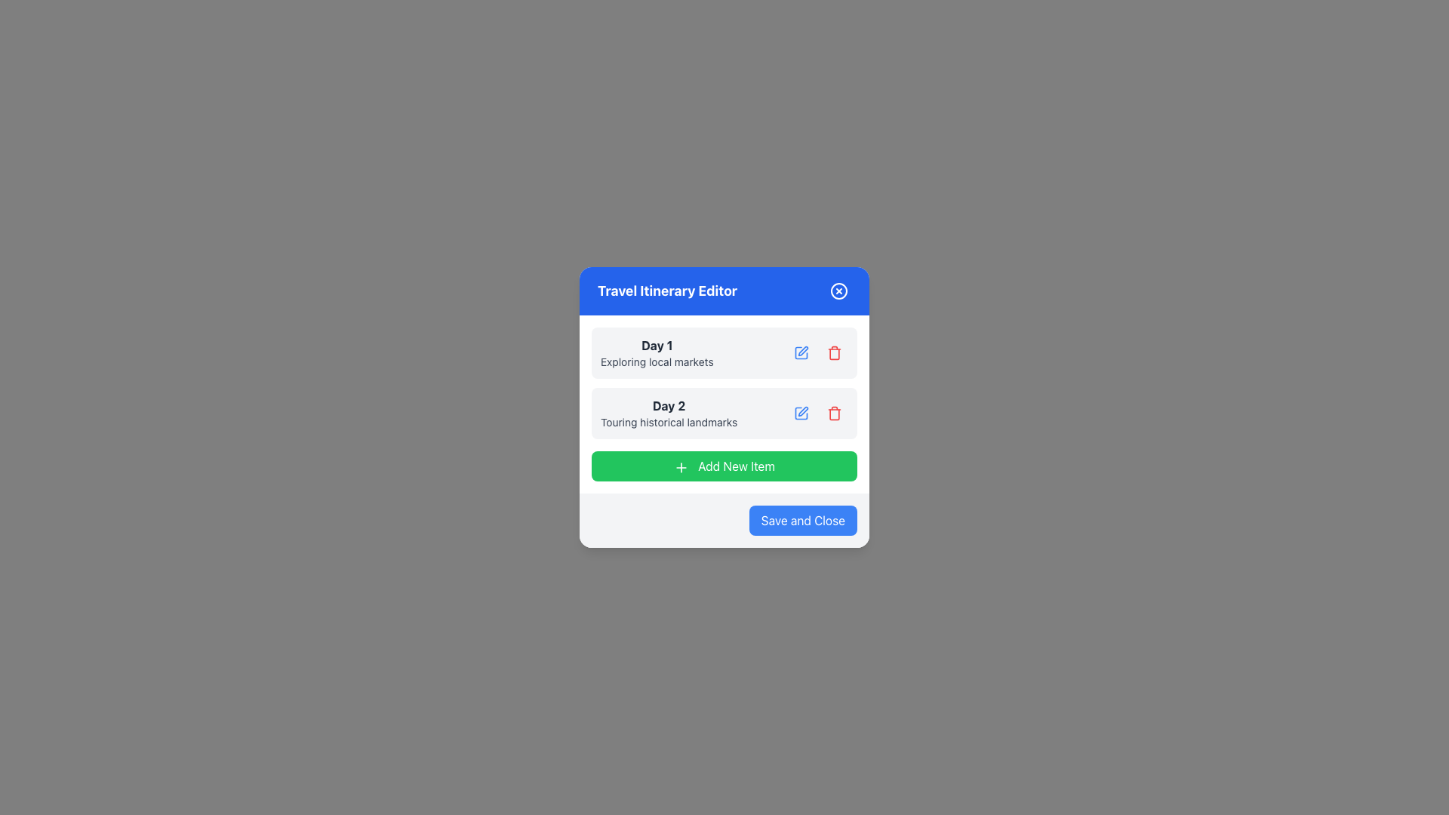 The image size is (1449, 815). I want to click on text content of the label displaying the title 'Day 1' and description 'Exploring local markets', which is the first item in a vertical list of itinerary tasks located at the top of the list, so click(657, 352).